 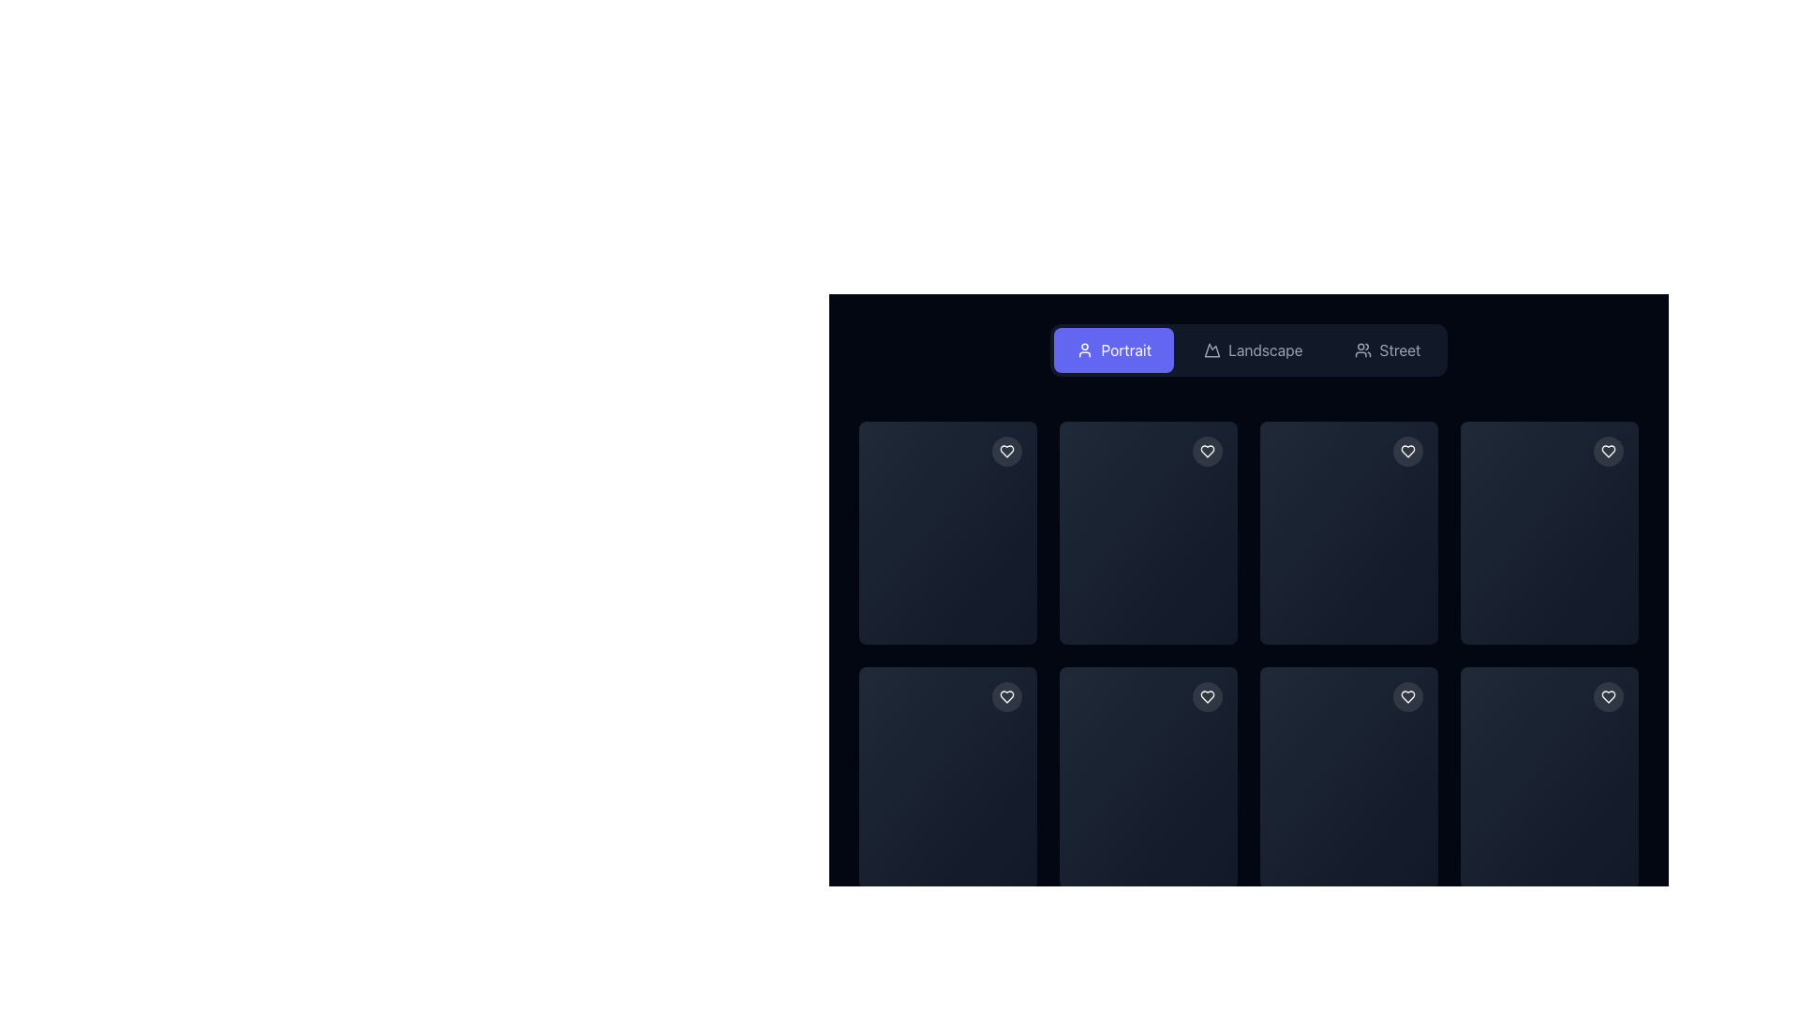 I want to click on the graphical SVG element resembling a pin or marker located at the bottom-left corner of the leftmost card in the grid layout, so click(x=975, y=863).